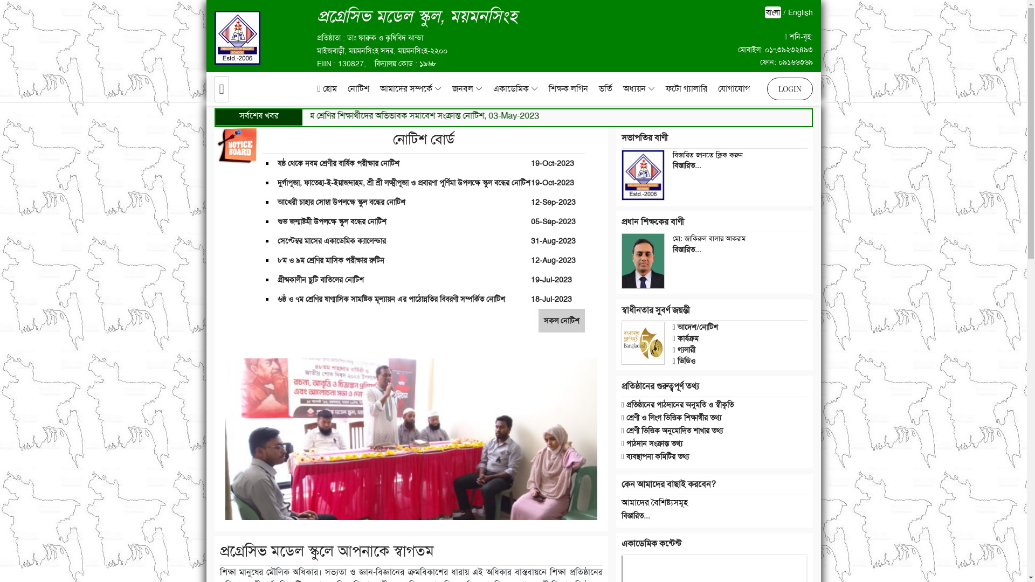 Image resolution: width=1035 pixels, height=582 pixels. Describe the element at coordinates (800, 12) in the screenshot. I see `'English'` at that location.